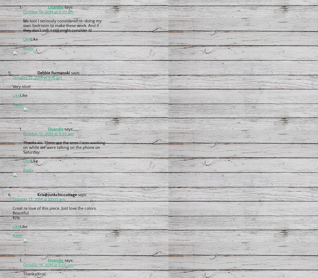 This screenshot has height=278, width=318. I want to click on 'Thanks Kris!', so click(34, 274).